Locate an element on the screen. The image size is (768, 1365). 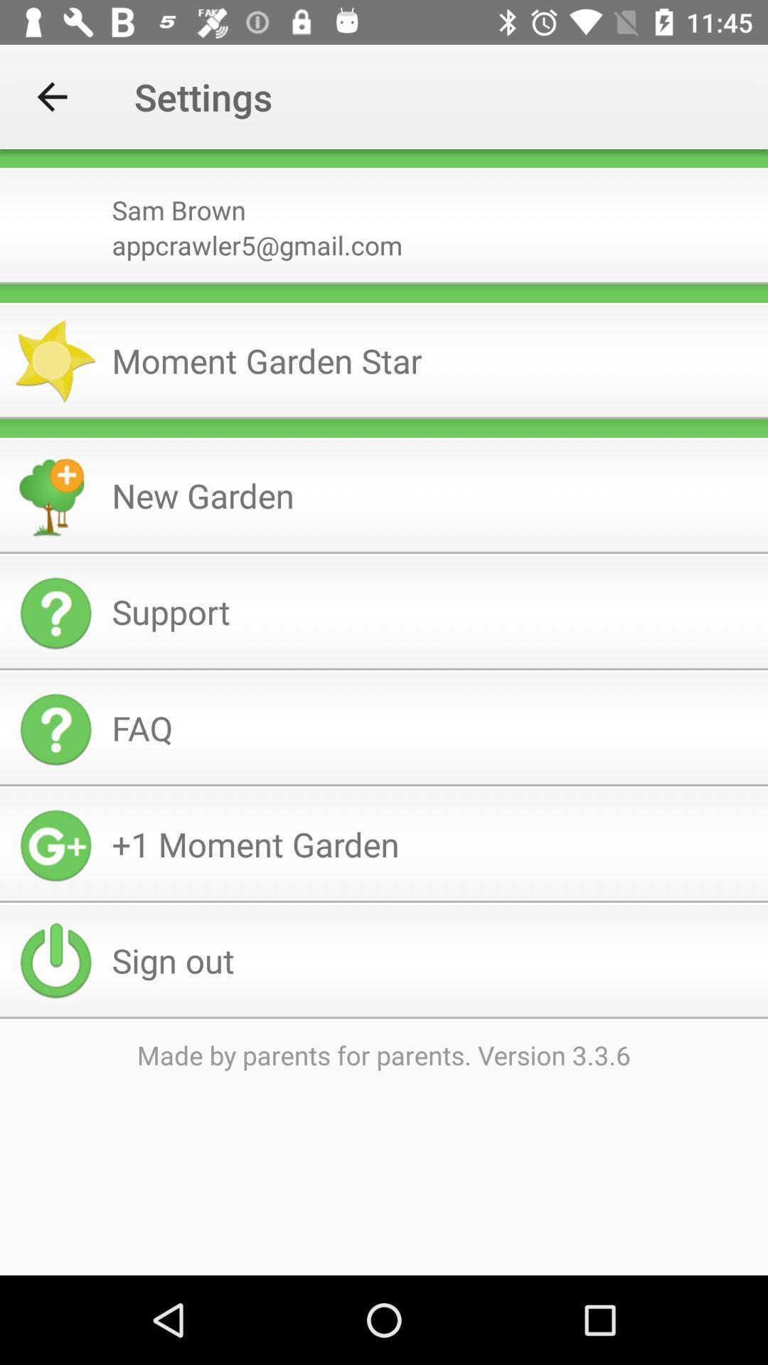
the icon below the     icon is located at coordinates (384, 438).